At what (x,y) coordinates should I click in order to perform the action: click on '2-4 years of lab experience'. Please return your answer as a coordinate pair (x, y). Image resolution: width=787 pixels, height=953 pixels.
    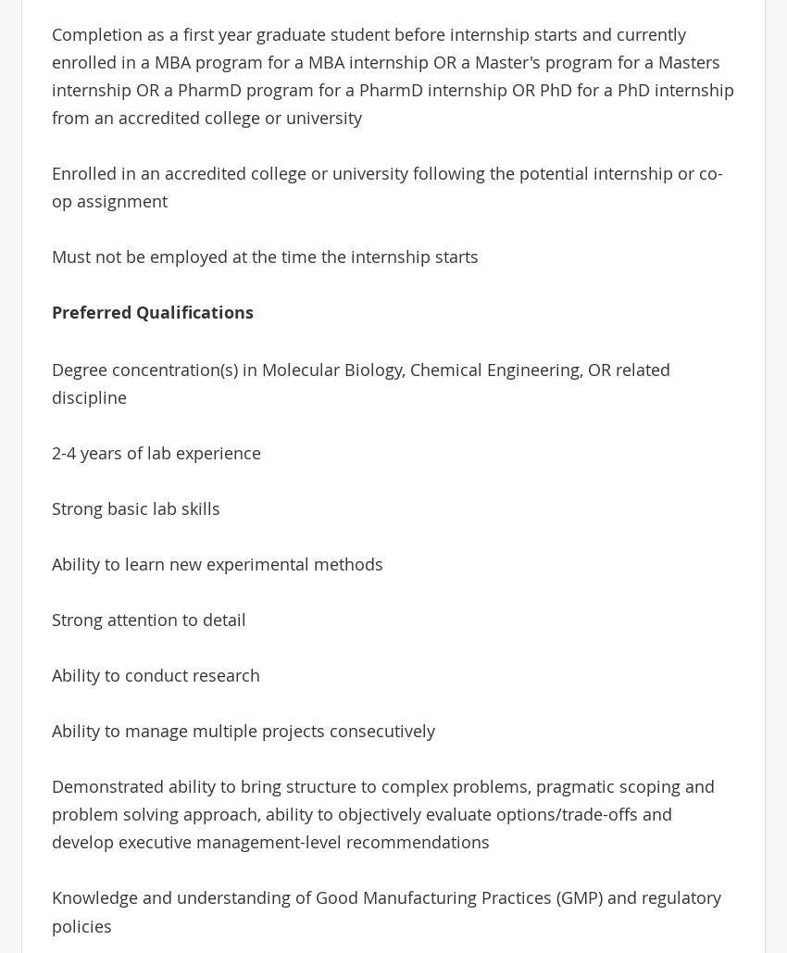
    Looking at the image, I should click on (155, 451).